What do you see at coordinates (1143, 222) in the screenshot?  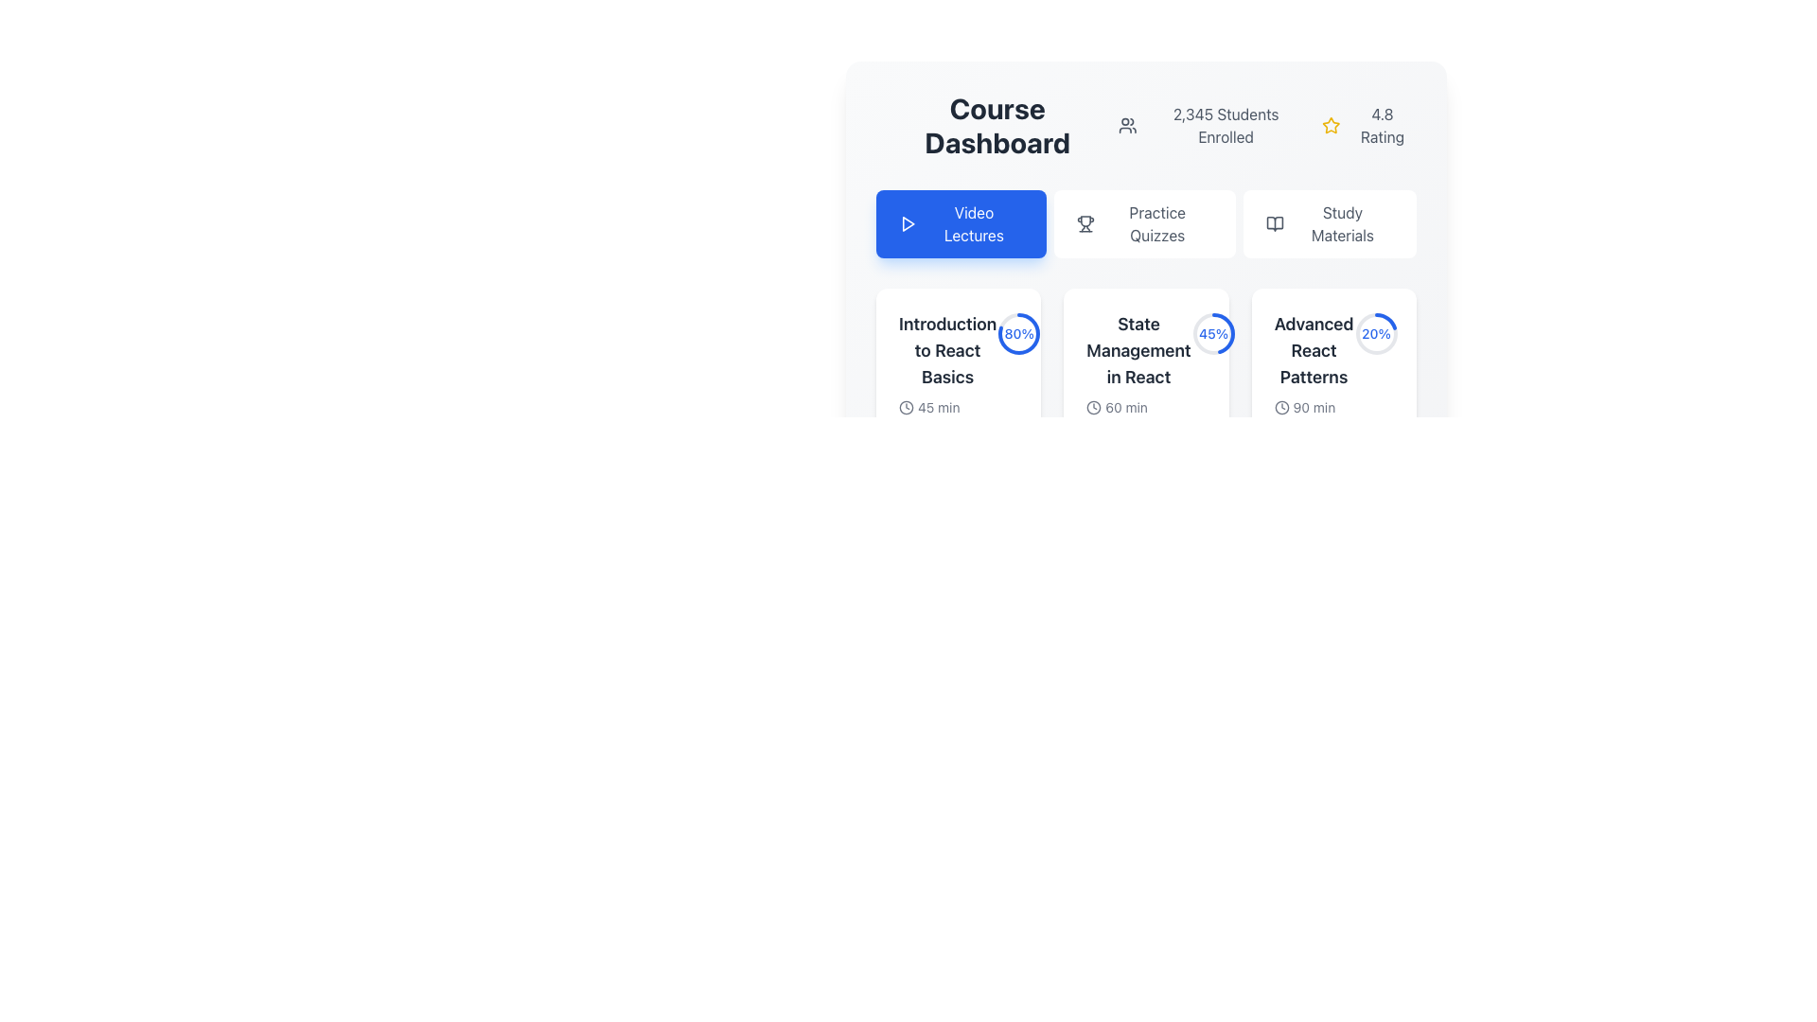 I see `the 'Practice Quizzes' button, which is a rectangular button with gray text and a light background, located centrally below the 'Course Dashboard' heading, between the 'Video Lectures' and 'Study Materials' buttons` at bounding box center [1143, 222].